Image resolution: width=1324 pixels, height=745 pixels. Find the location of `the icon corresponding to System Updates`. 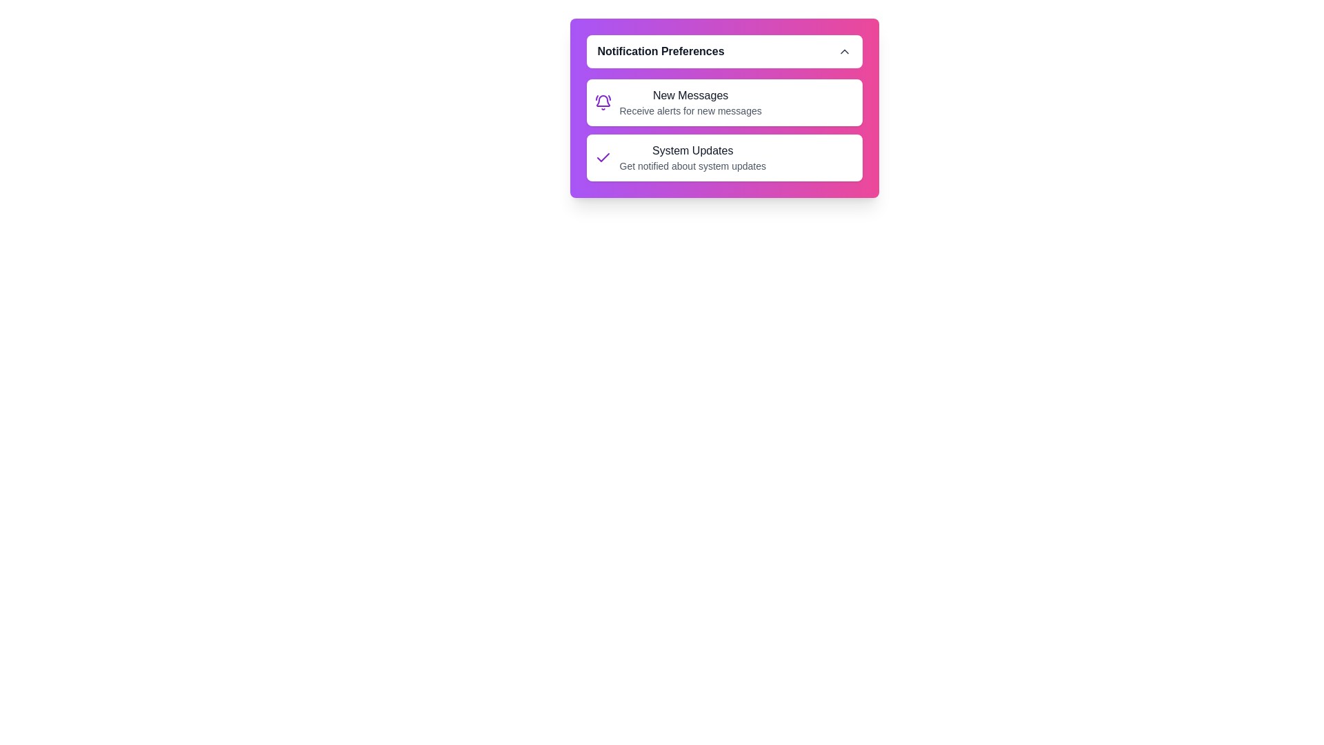

the icon corresponding to System Updates is located at coordinates (603, 157).